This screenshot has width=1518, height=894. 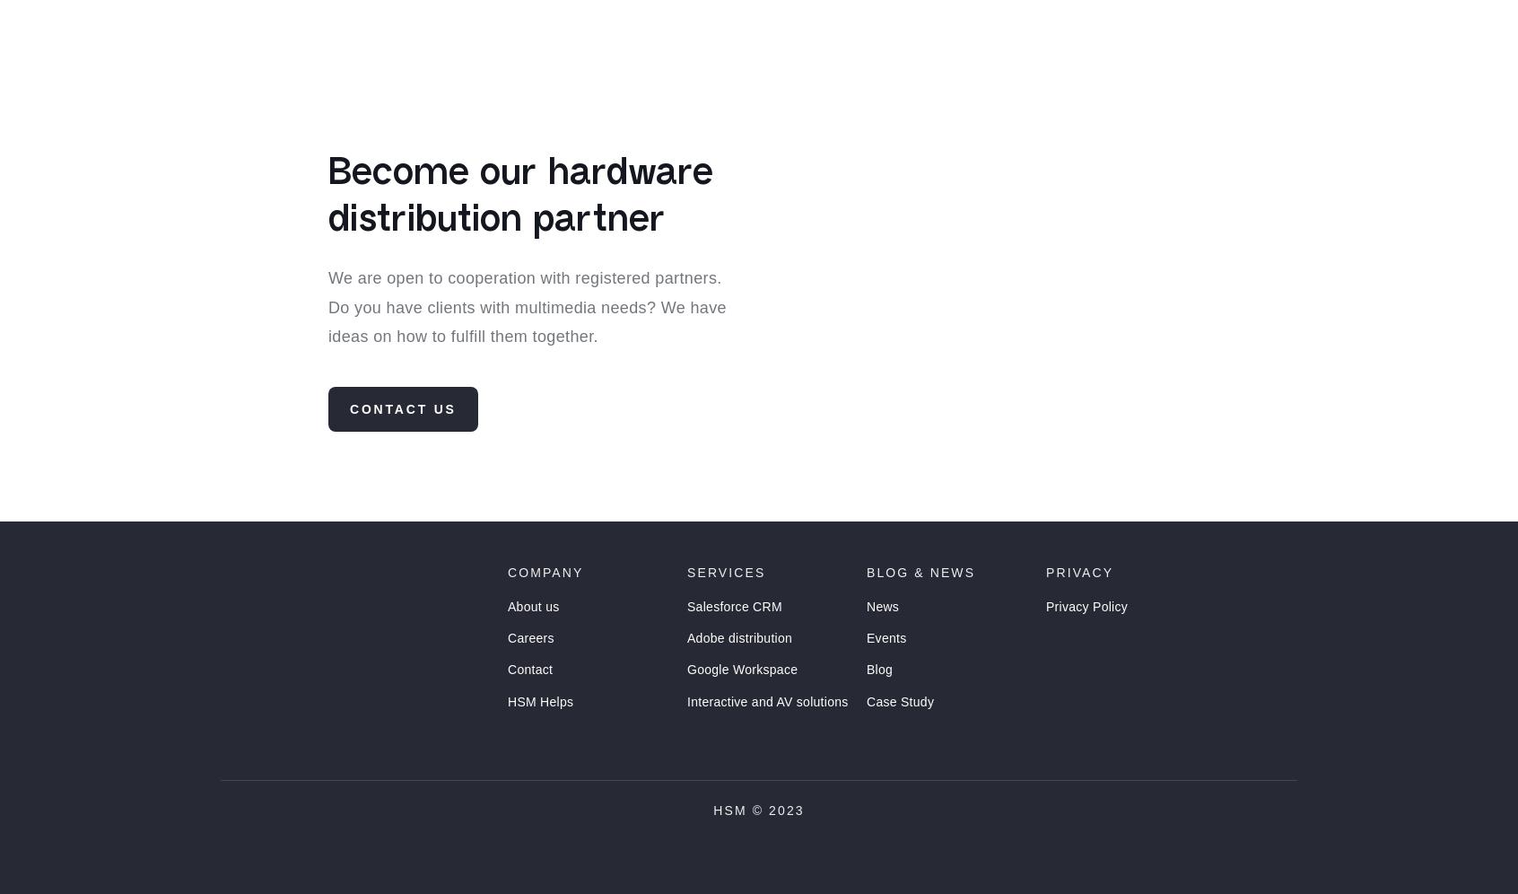 What do you see at coordinates (920, 605) in the screenshot?
I see `'Blog & News'` at bounding box center [920, 605].